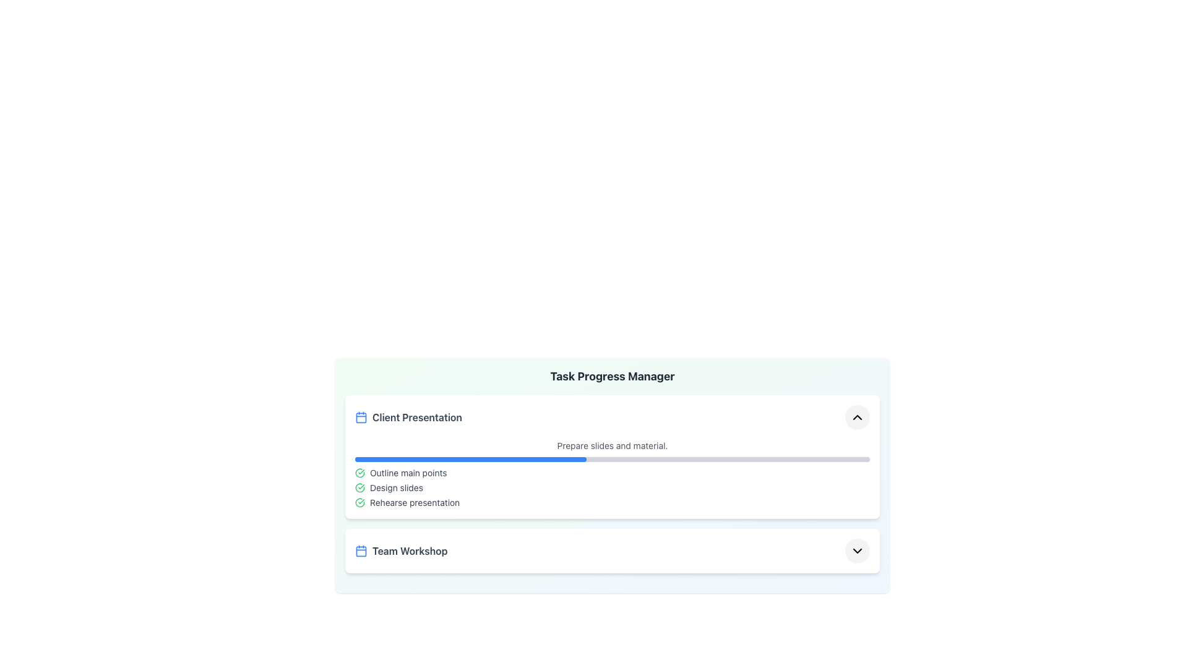  I want to click on the status of the task represented by the icon indicating that 'Rehearse presentation' has been successfully completed, located in the 'Client Presentation' section, so click(359, 503).